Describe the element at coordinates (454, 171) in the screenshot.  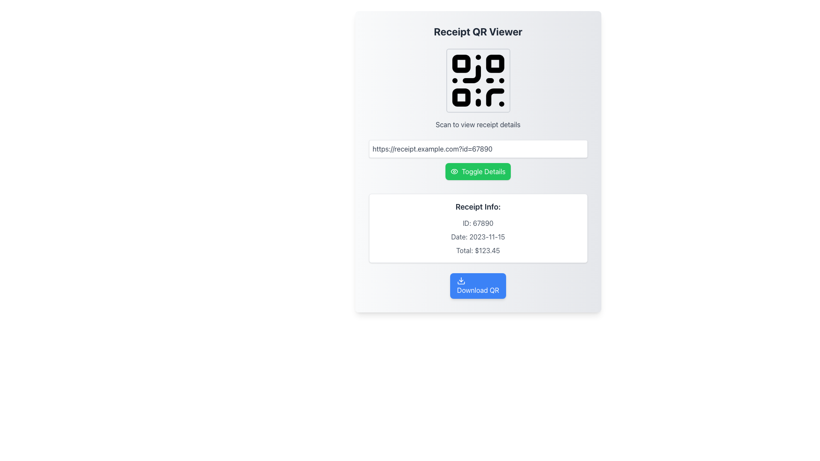
I see `the small eye-shaped Decorative Icon, which is positioned on the left side of the green 'Toggle Details' button` at that location.